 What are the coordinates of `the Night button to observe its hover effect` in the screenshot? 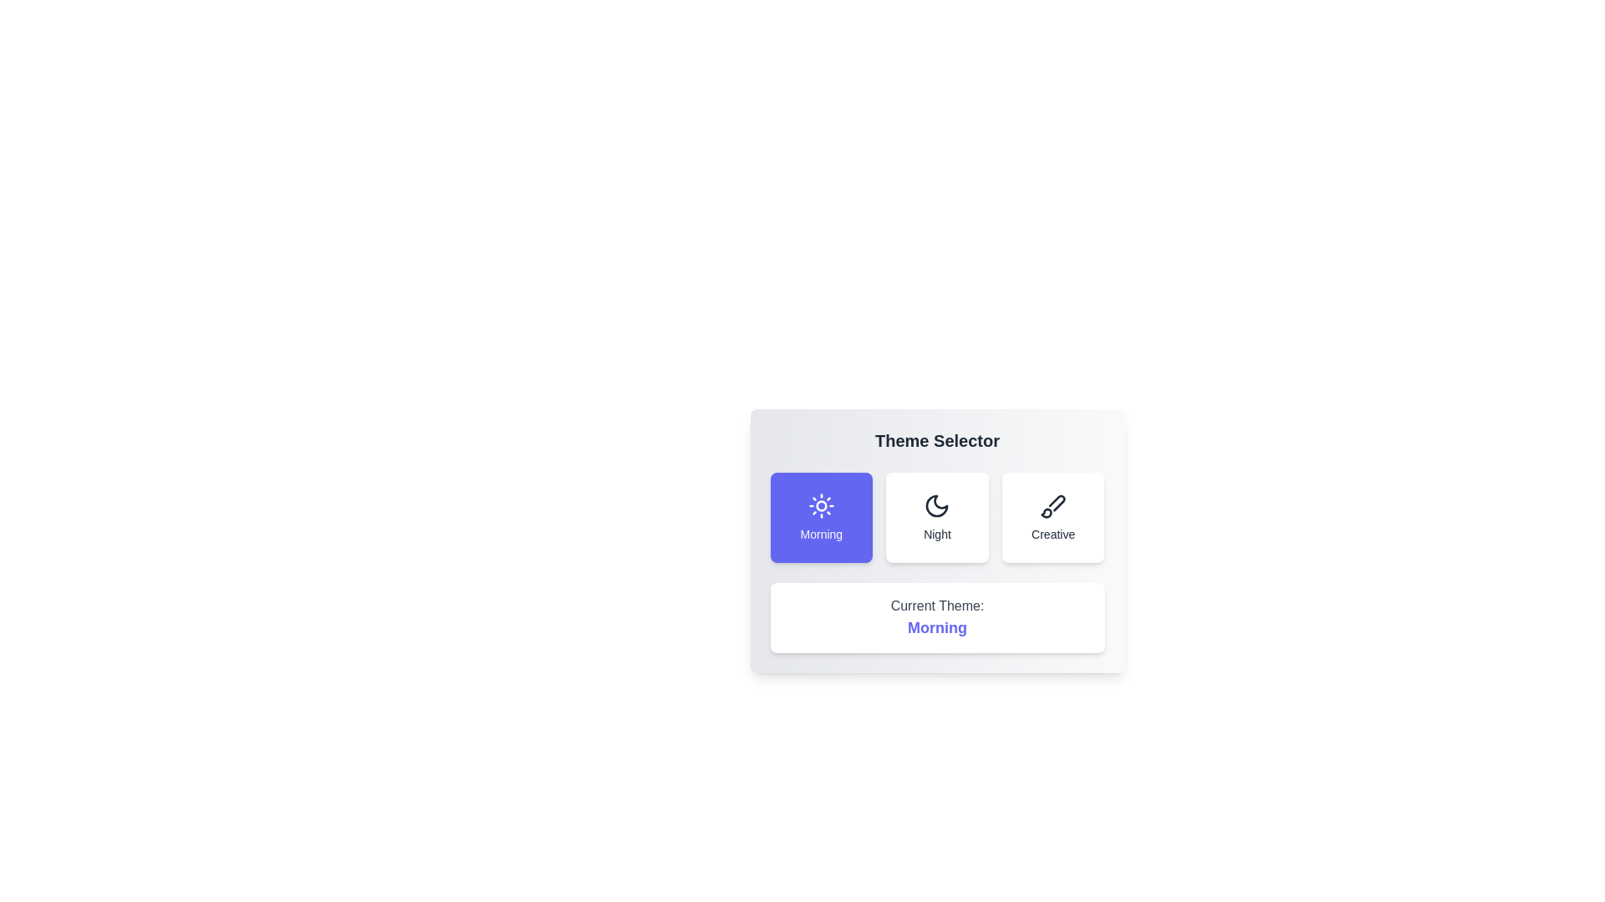 It's located at (937, 517).